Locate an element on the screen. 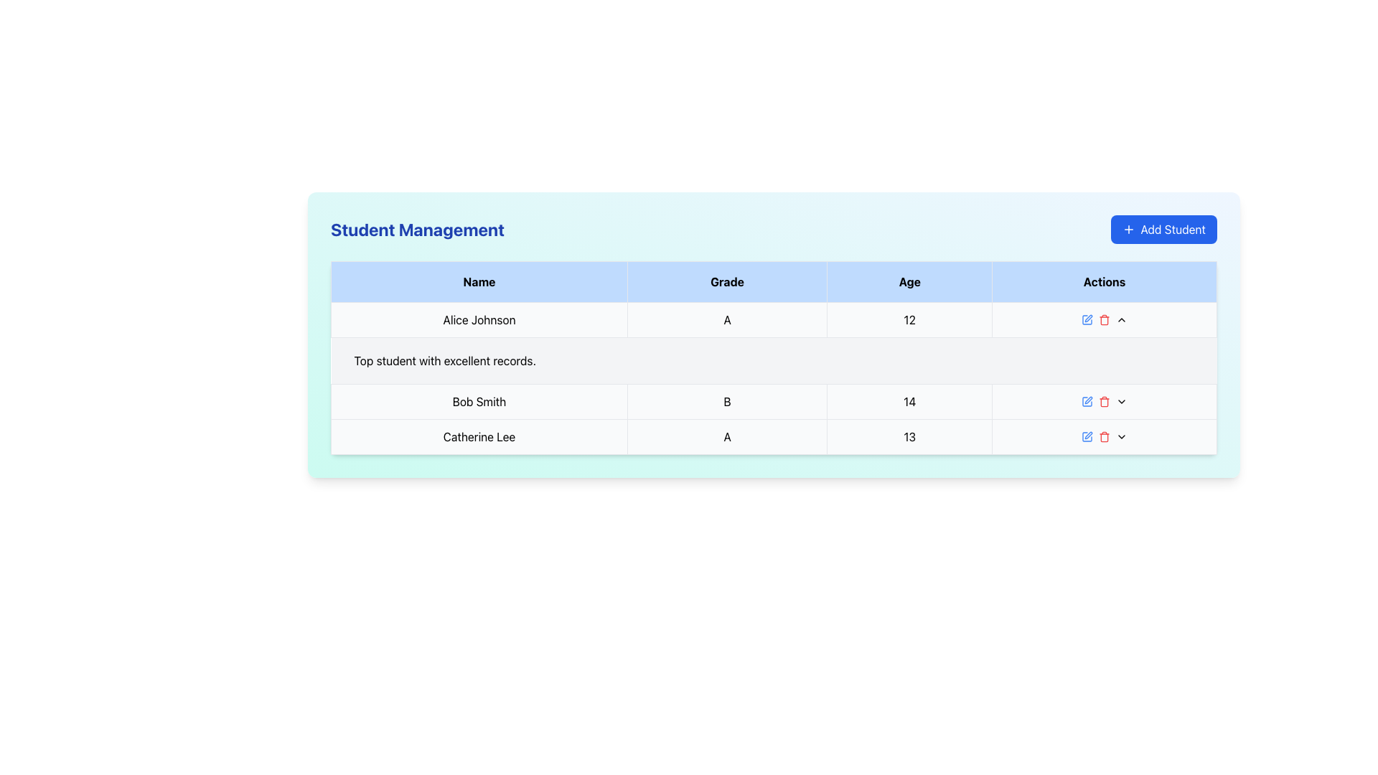 This screenshot has width=1378, height=775. the 'Student Management' text label, which is styled in bold, large blue font and prominently displayed at the top-left of the interface is located at coordinates (416, 229).